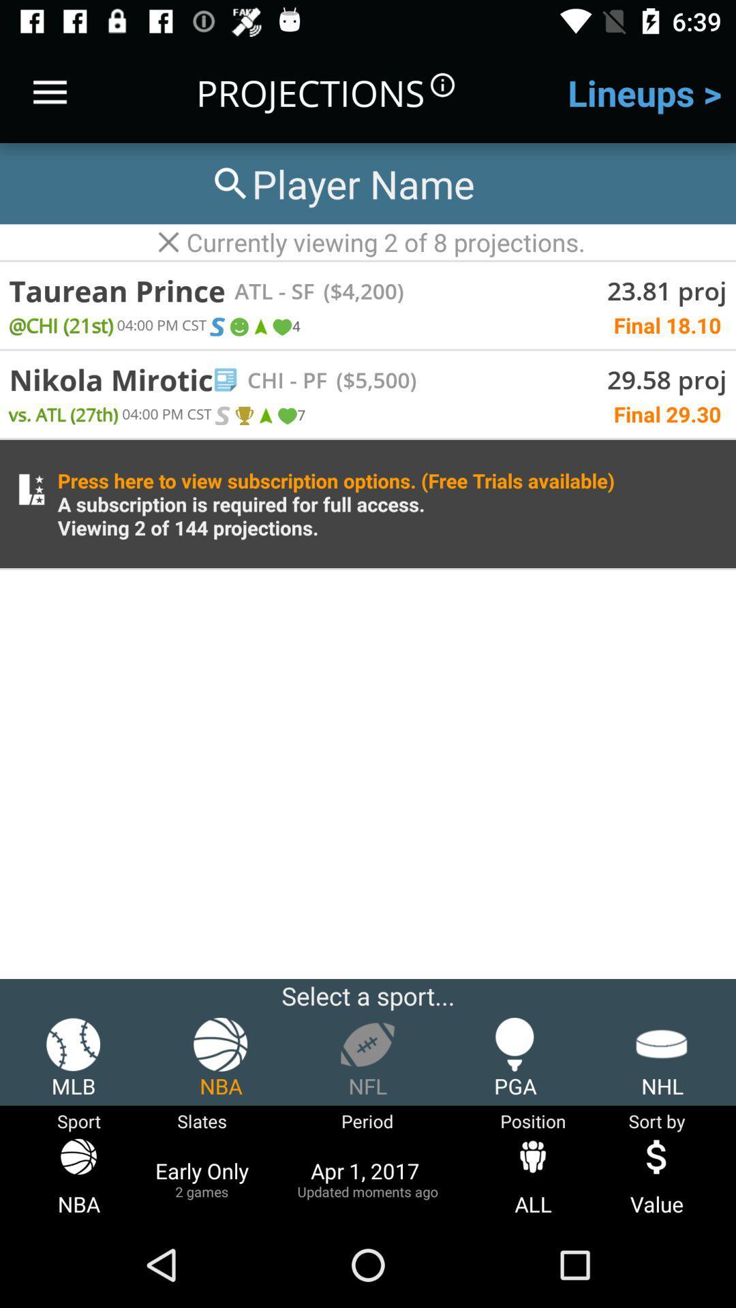 The width and height of the screenshot is (736, 1308). I want to click on item to the left of the projections item, so click(49, 92).